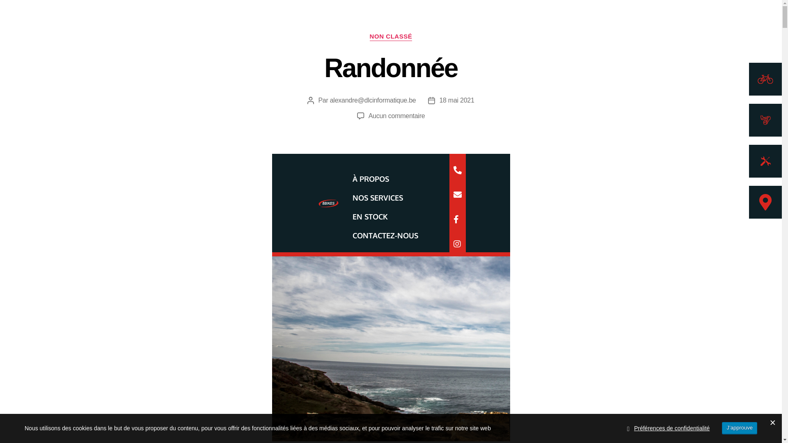  What do you see at coordinates (368, 116) in the screenshot?
I see `'Aucun commentaire'` at bounding box center [368, 116].